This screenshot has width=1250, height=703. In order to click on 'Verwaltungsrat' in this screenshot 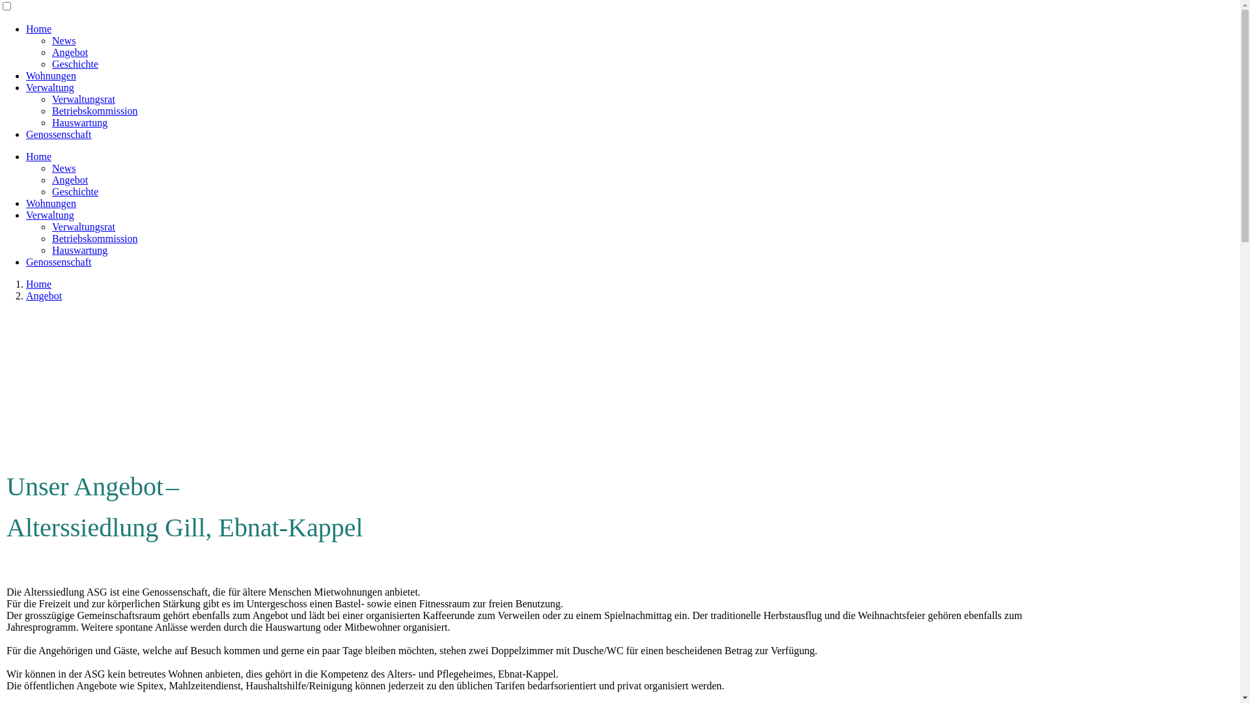, I will do `click(83, 226)`.